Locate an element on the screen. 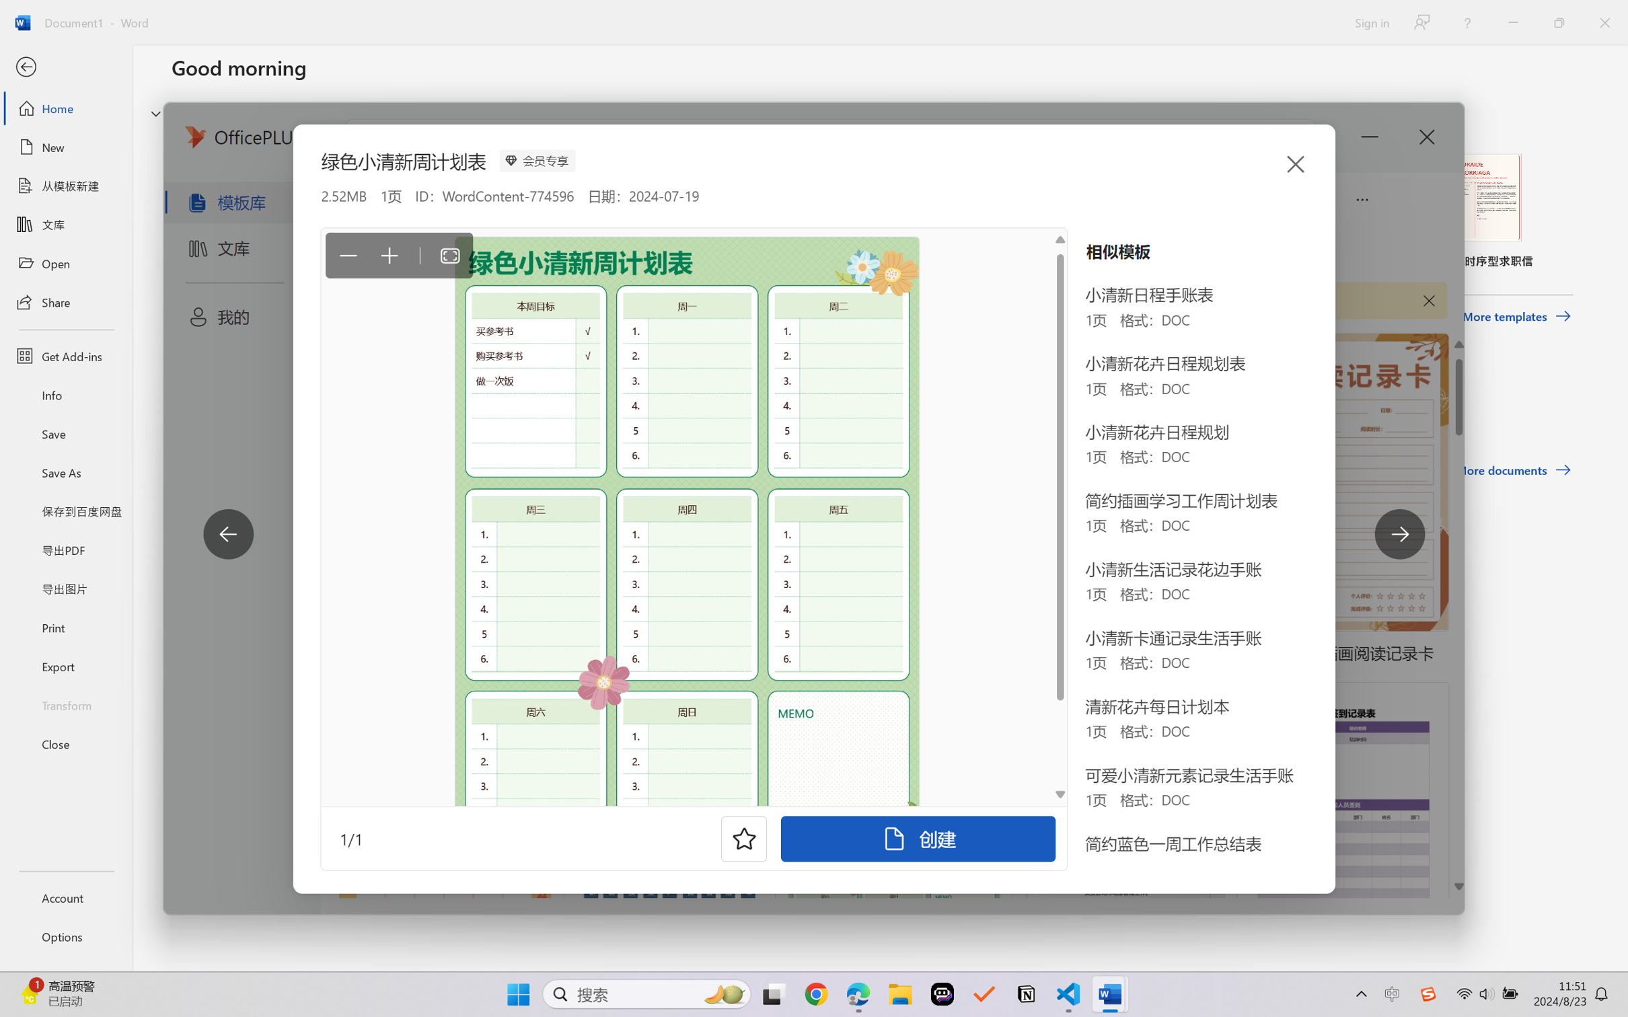 The height and width of the screenshot is (1017, 1628). 'Transform' is located at coordinates (65, 704).